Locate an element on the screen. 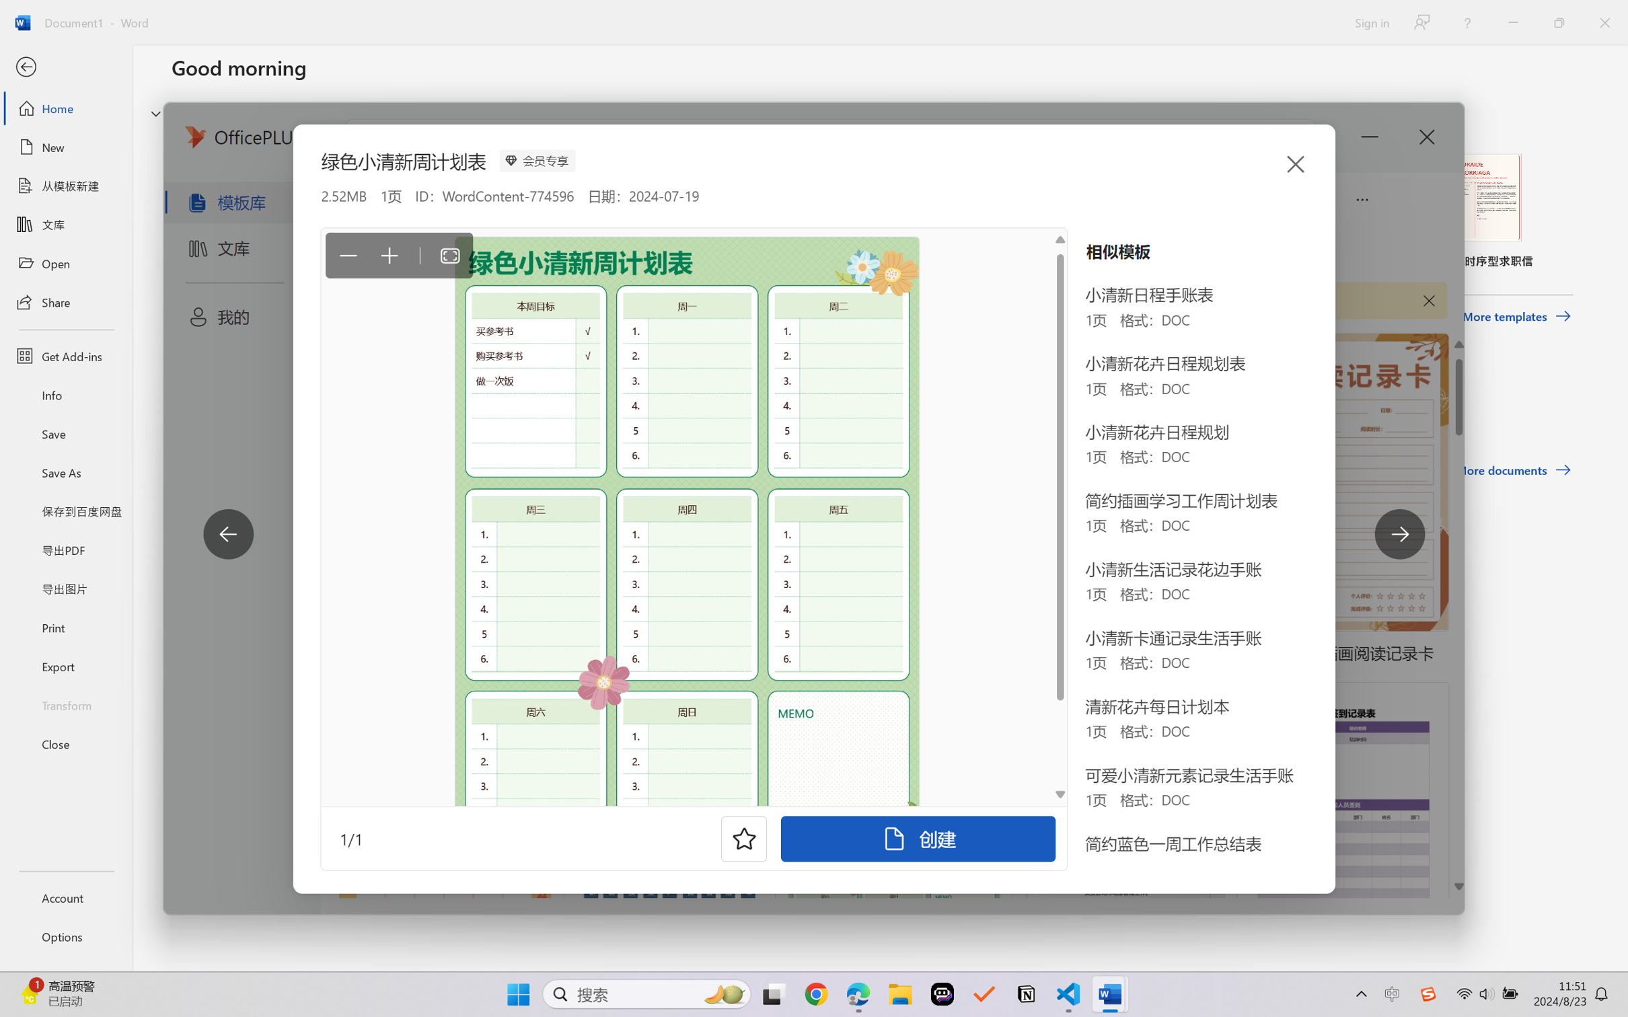 The height and width of the screenshot is (1017, 1628). 'Transform' is located at coordinates (65, 704).